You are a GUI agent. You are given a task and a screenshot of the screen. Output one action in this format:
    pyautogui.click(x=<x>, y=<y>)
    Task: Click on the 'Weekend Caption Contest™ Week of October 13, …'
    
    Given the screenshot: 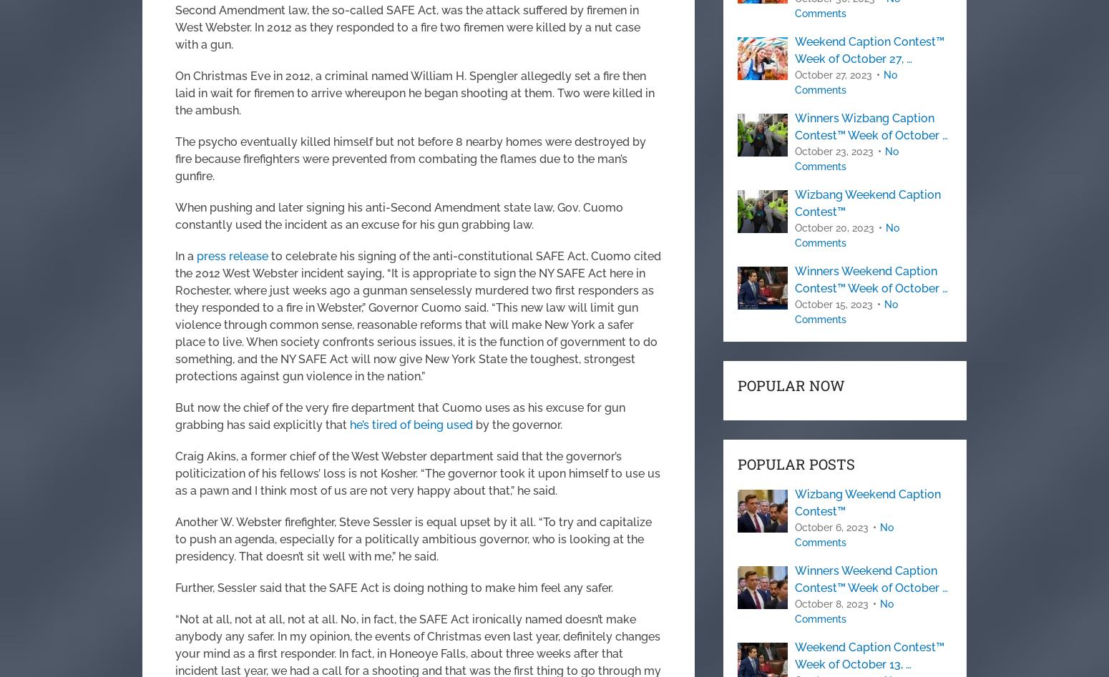 What is the action you would take?
    pyautogui.click(x=869, y=655)
    